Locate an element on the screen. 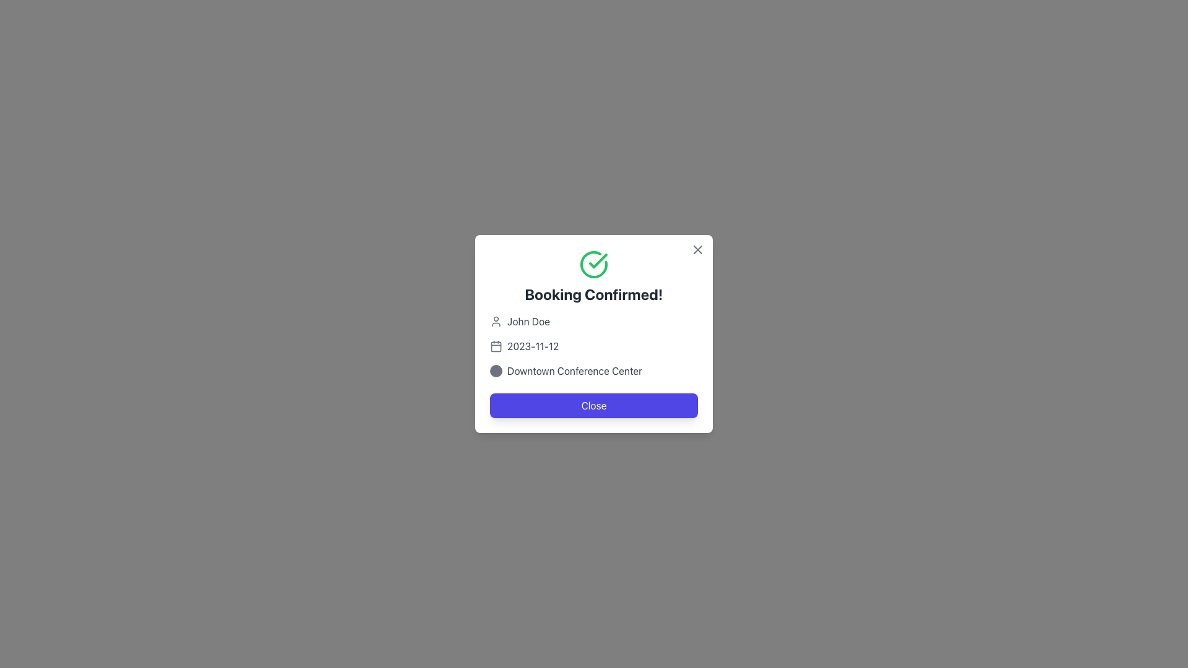  the clean cross icon in the top-right corner of the 'Booking Confirmed!' modal is located at coordinates (698, 250).